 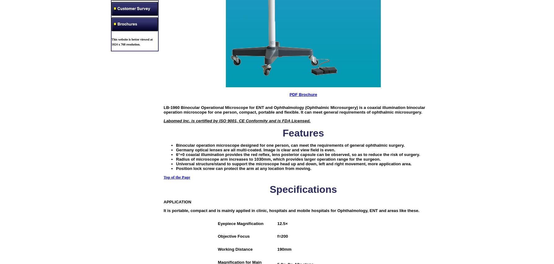 I want to click on 'Germany optical lenses are all multi-coated. Image is clear and view field is even.', so click(x=176, y=149).